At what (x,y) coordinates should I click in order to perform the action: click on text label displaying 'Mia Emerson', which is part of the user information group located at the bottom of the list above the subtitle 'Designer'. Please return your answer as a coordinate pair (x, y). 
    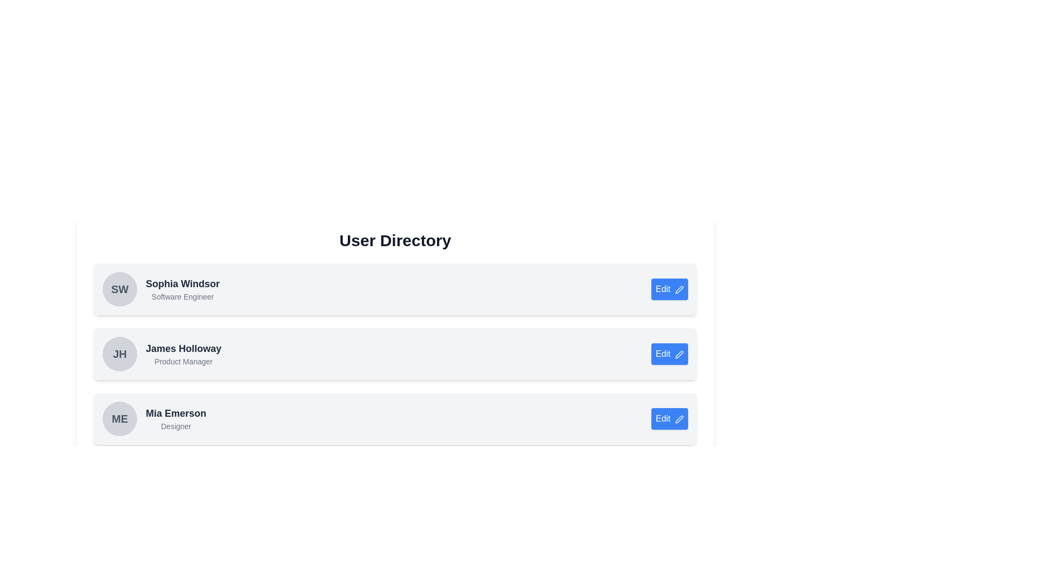
    Looking at the image, I should click on (176, 413).